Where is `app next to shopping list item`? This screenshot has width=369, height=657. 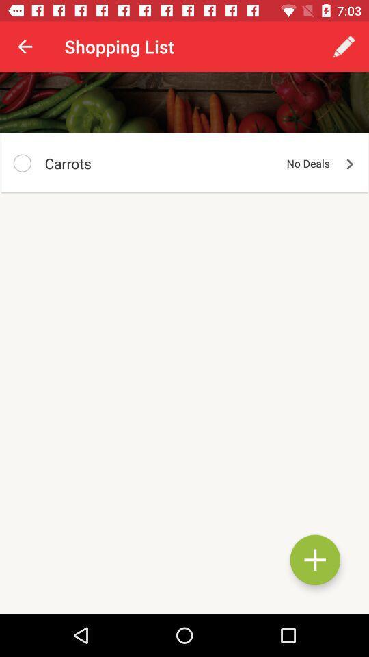
app next to shopping list item is located at coordinates (25, 47).